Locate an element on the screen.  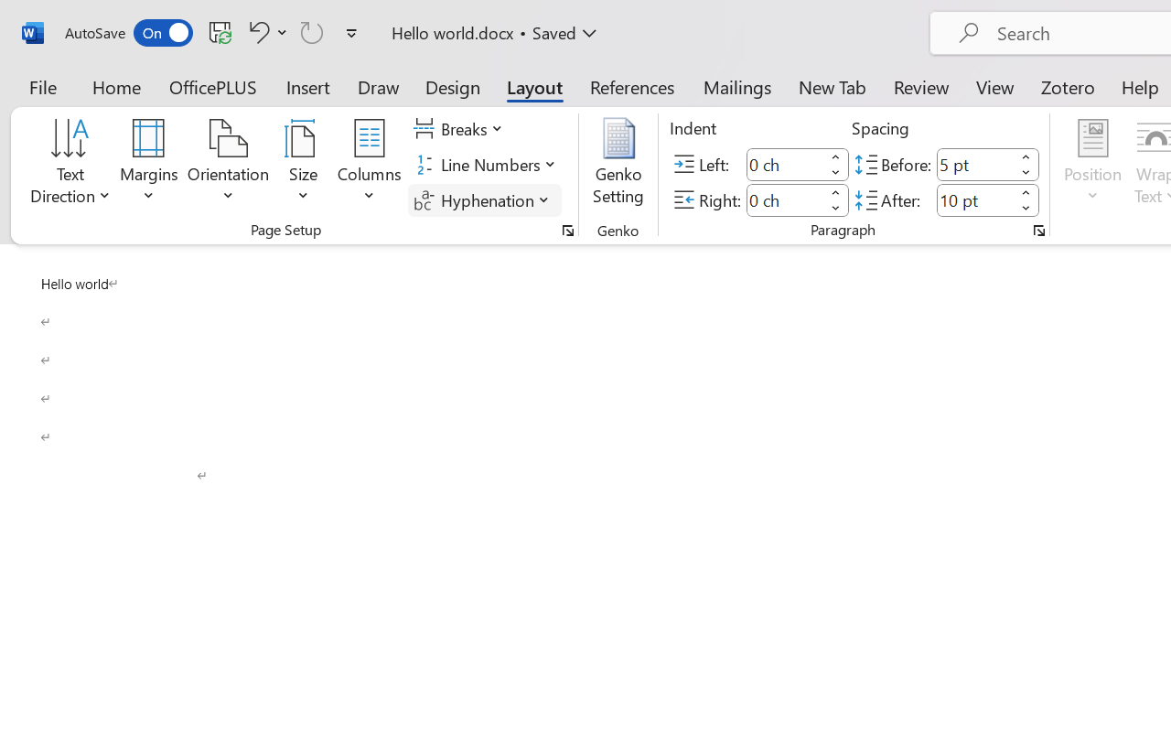
'File Tab' is located at coordinates (42, 86).